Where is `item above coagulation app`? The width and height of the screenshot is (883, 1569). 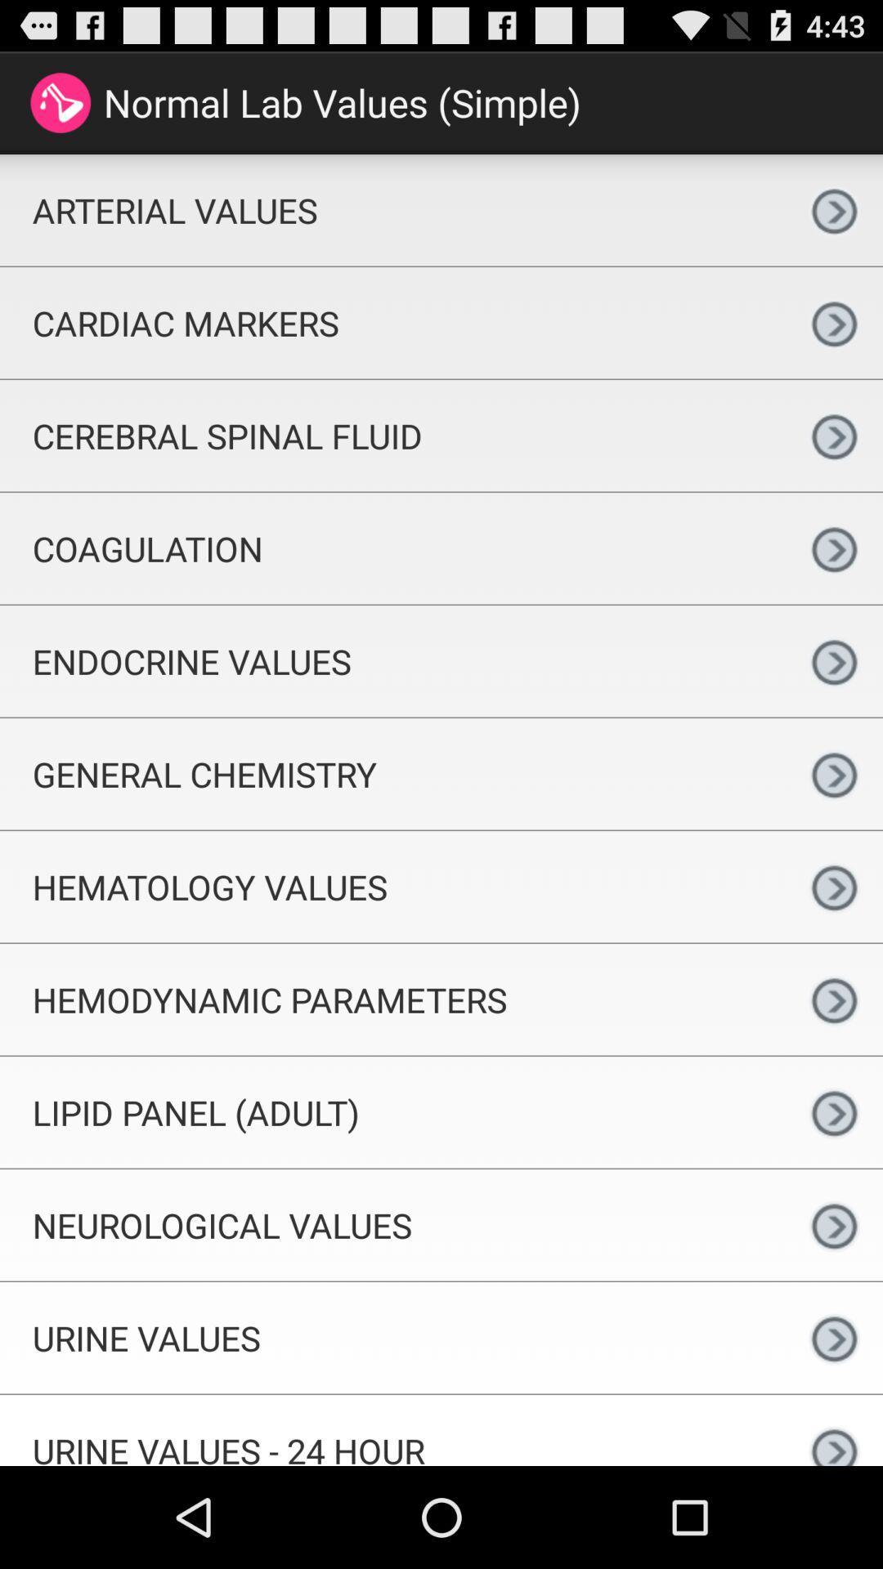 item above coagulation app is located at coordinates (392, 436).